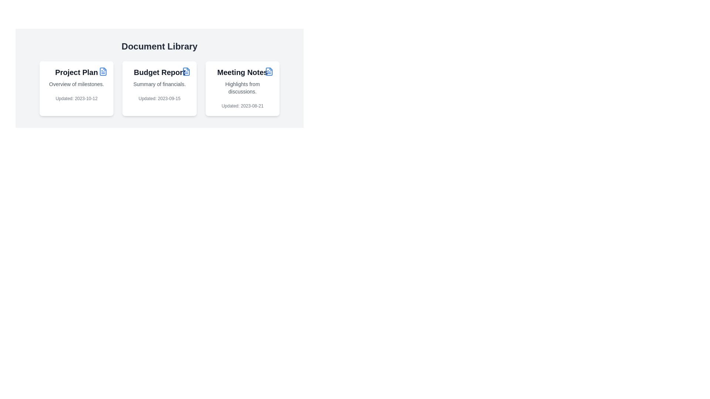 Image resolution: width=710 pixels, height=399 pixels. I want to click on the text label reading 'Overview of milestones.' which is displayed in a small-sized, light-gray font, located within the card layout of the 'Document Library', so click(77, 83).